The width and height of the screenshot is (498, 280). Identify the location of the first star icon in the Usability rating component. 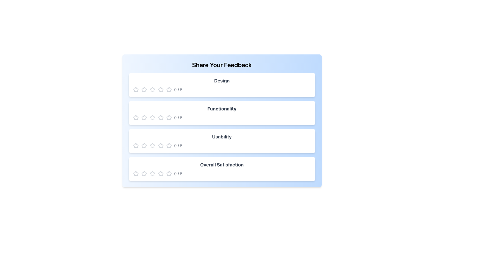
(144, 145).